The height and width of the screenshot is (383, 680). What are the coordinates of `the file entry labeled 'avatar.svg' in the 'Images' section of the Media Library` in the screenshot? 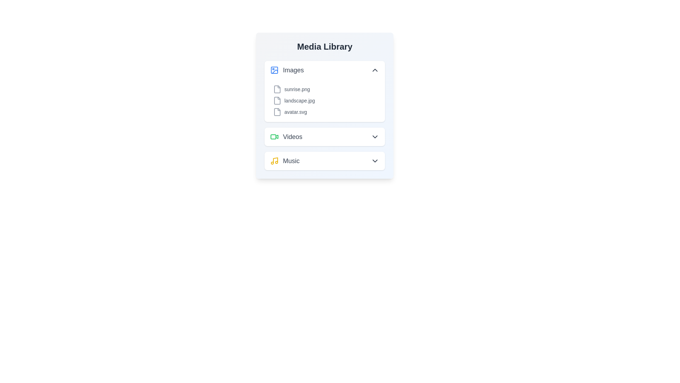 It's located at (324, 112).